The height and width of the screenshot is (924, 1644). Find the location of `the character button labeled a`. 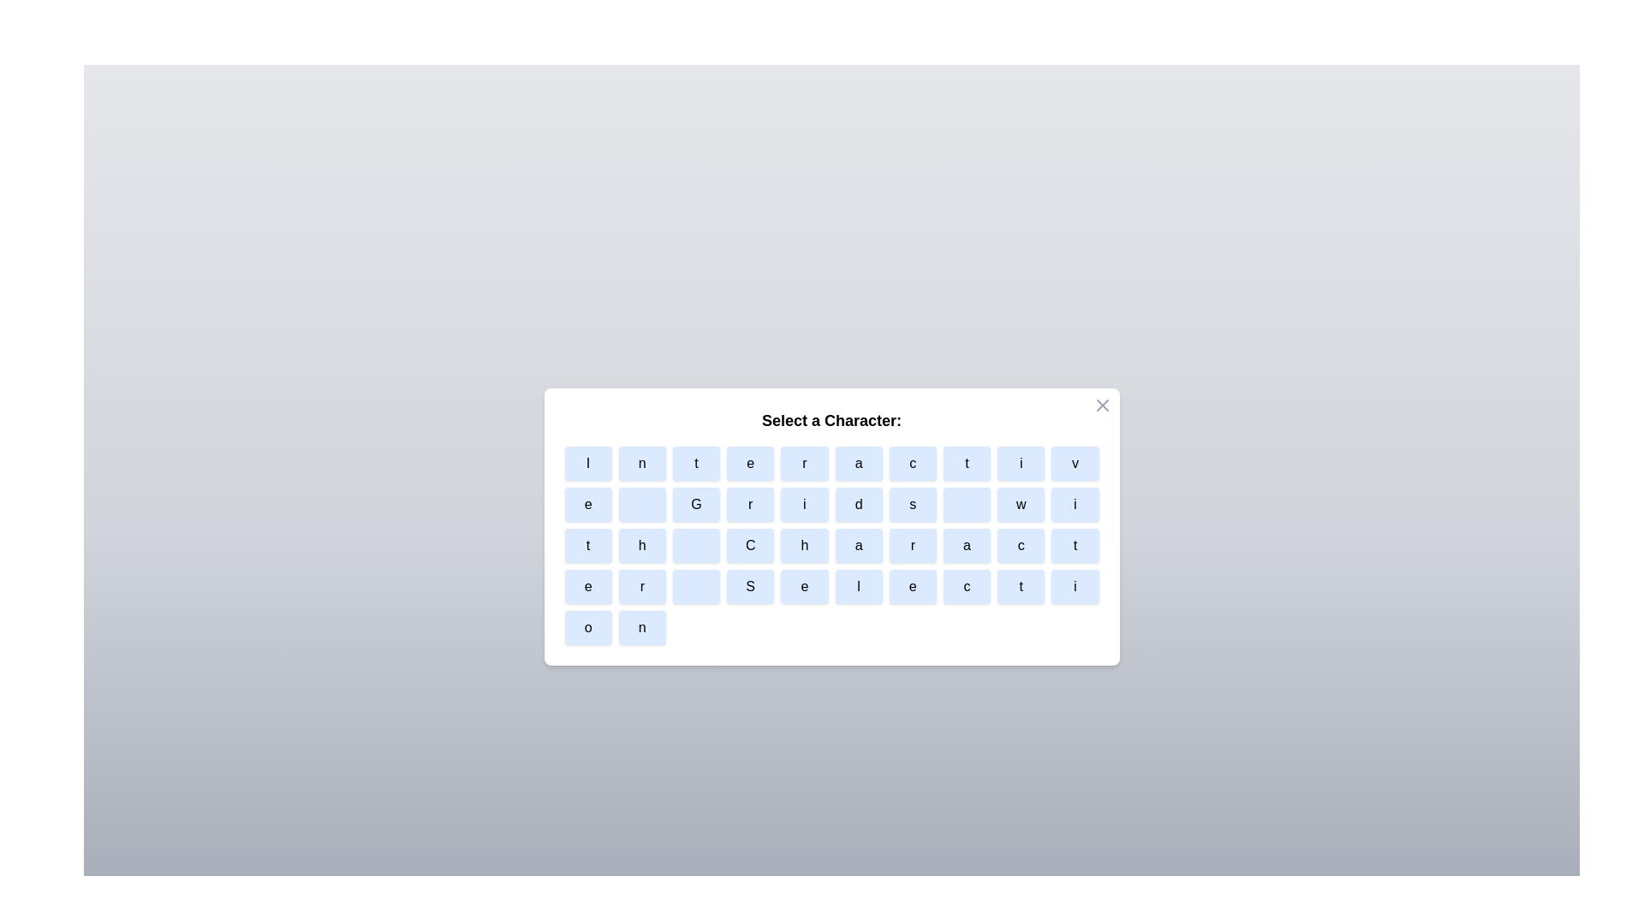

the character button labeled a is located at coordinates (859, 464).